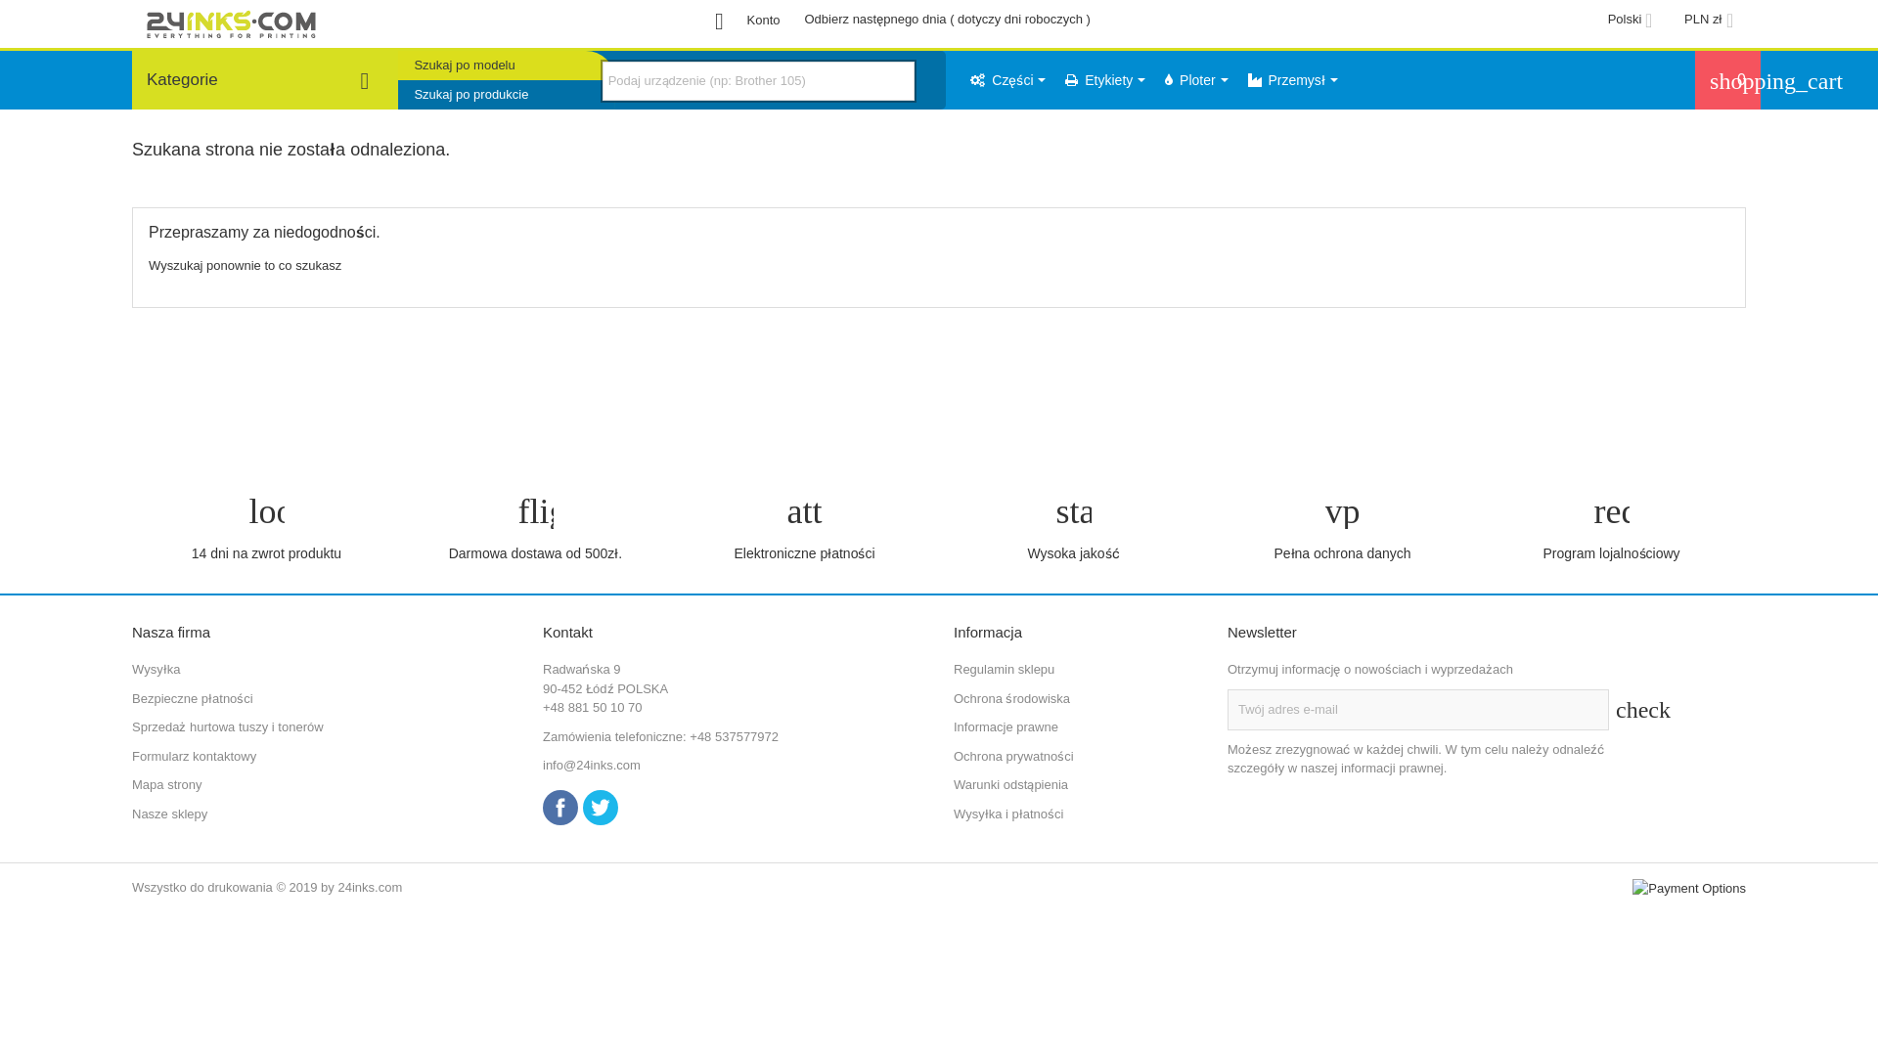 The image size is (1878, 1056). Describe the element at coordinates (1104, 78) in the screenshot. I see `'Etykiety'` at that location.